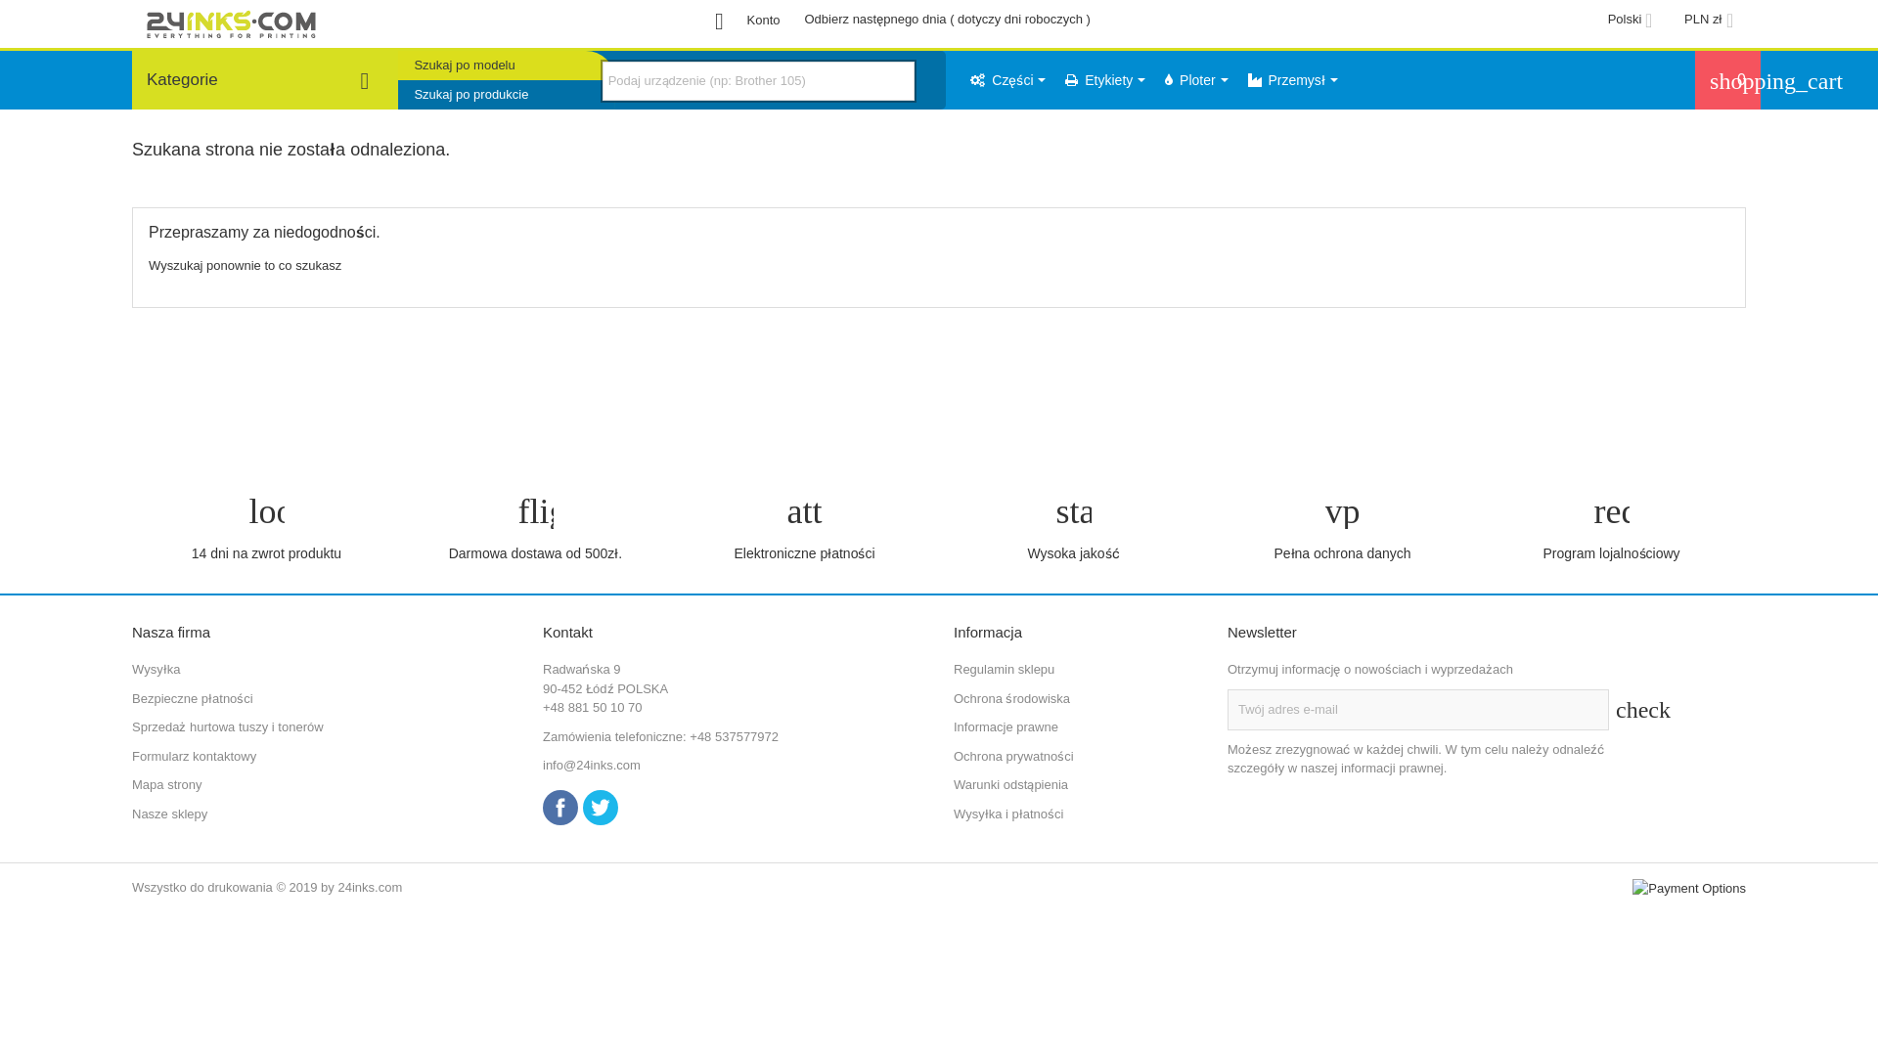 The image size is (1878, 1056). Describe the element at coordinates (1104, 78) in the screenshot. I see `'Etykiety'` at that location.